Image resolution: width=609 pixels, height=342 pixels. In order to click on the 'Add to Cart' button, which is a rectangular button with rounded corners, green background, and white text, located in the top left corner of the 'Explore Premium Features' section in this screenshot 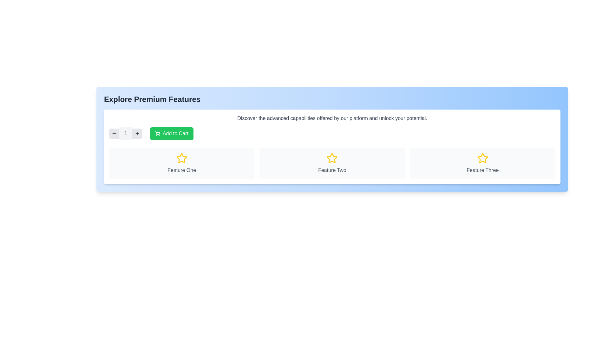, I will do `click(172, 133)`.